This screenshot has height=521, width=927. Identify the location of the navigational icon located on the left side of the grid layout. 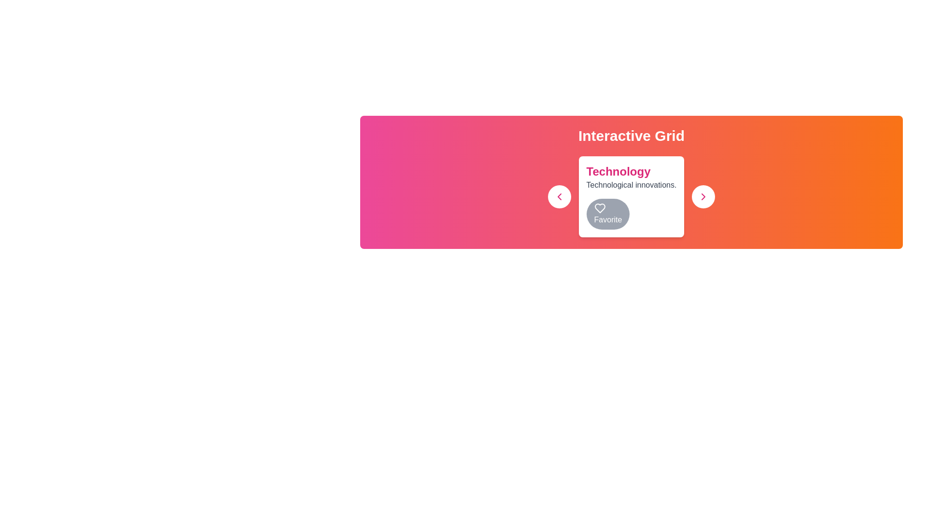
(559, 196).